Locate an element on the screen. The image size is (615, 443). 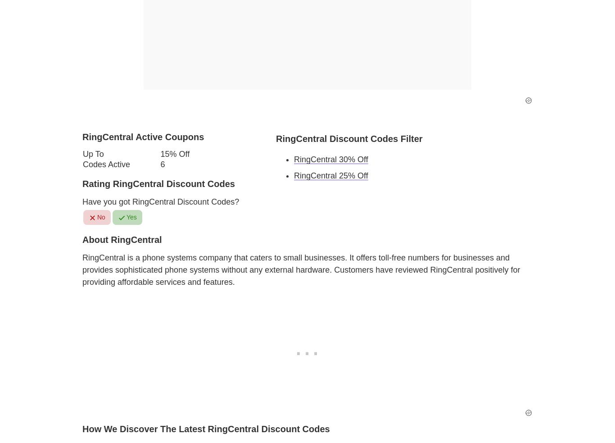
'RingCentral is a phone systems company that caters to small businesses. It offers toll-free numbers for businesses and provides sophisticated phone systems without any external hardware. Customers have reviewed RingCentral positively for providing affordable services and features.' is located at coordinates (301, 269).